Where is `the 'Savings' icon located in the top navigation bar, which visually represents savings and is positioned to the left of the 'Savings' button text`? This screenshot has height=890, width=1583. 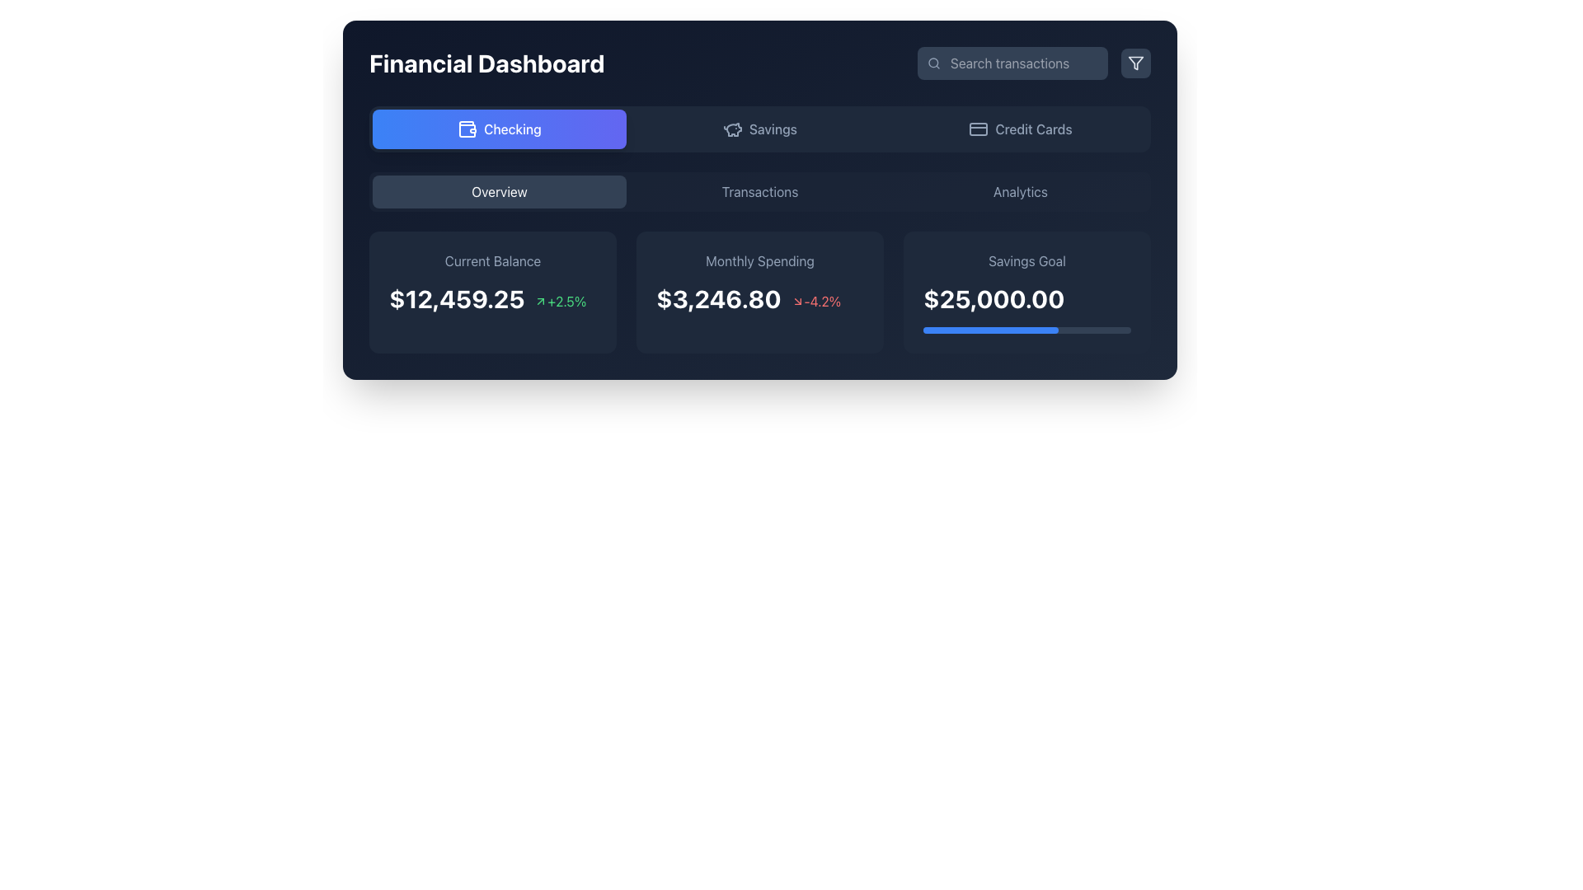
the 'Savings' icon located in the top navigation bar, which visually represents savings and is positioned to the left of the 'Savings' button text is located at coordinates (731, 129).